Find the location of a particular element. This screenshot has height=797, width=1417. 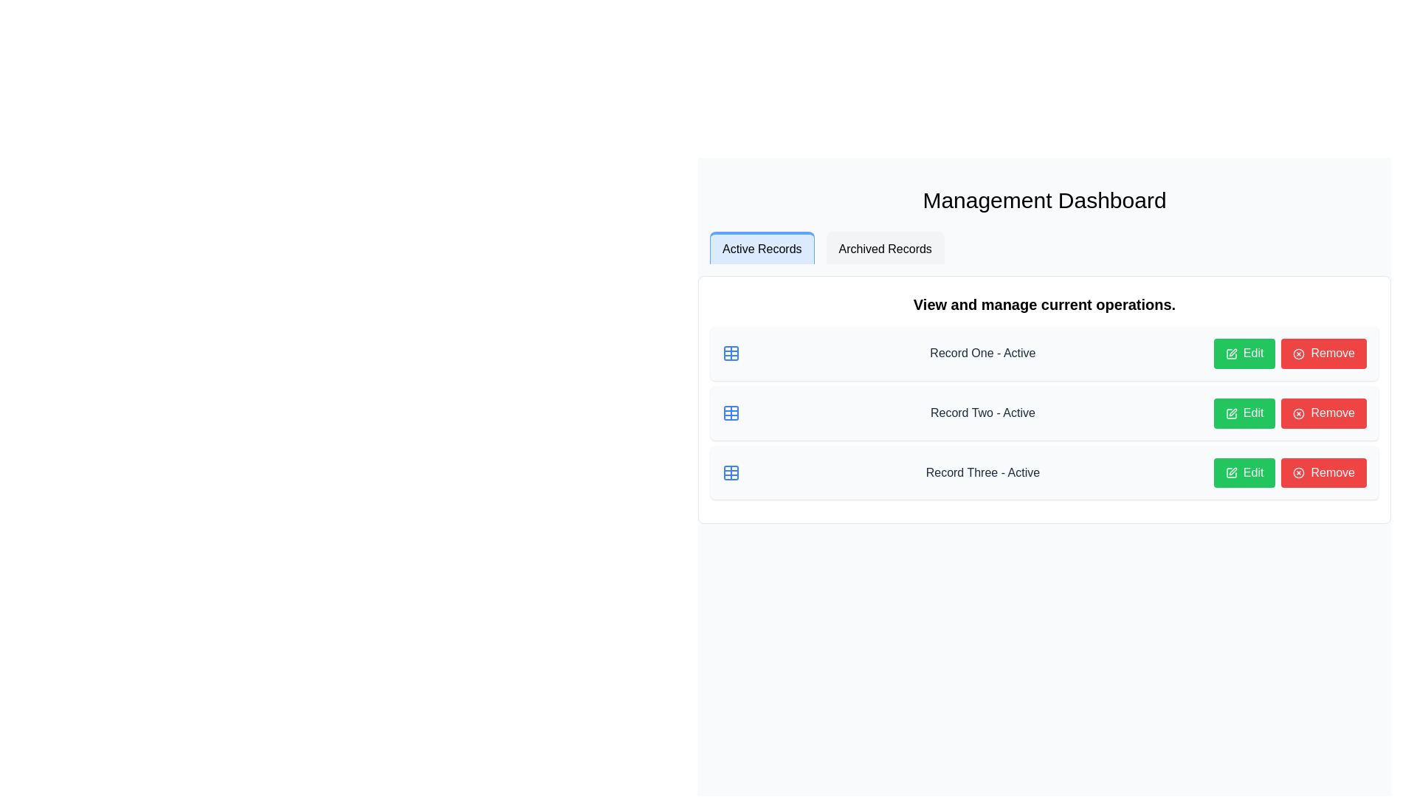

the 'Edit' icon associated with 'Record Three - Active' in the management dashboard is located at coordinates (1231, 473).